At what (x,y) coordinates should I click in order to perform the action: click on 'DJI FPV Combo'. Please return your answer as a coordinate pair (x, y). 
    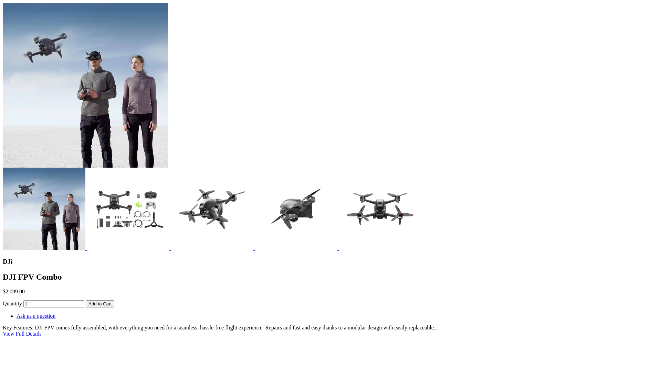
    Looking at the image, I should click on (3, 85).